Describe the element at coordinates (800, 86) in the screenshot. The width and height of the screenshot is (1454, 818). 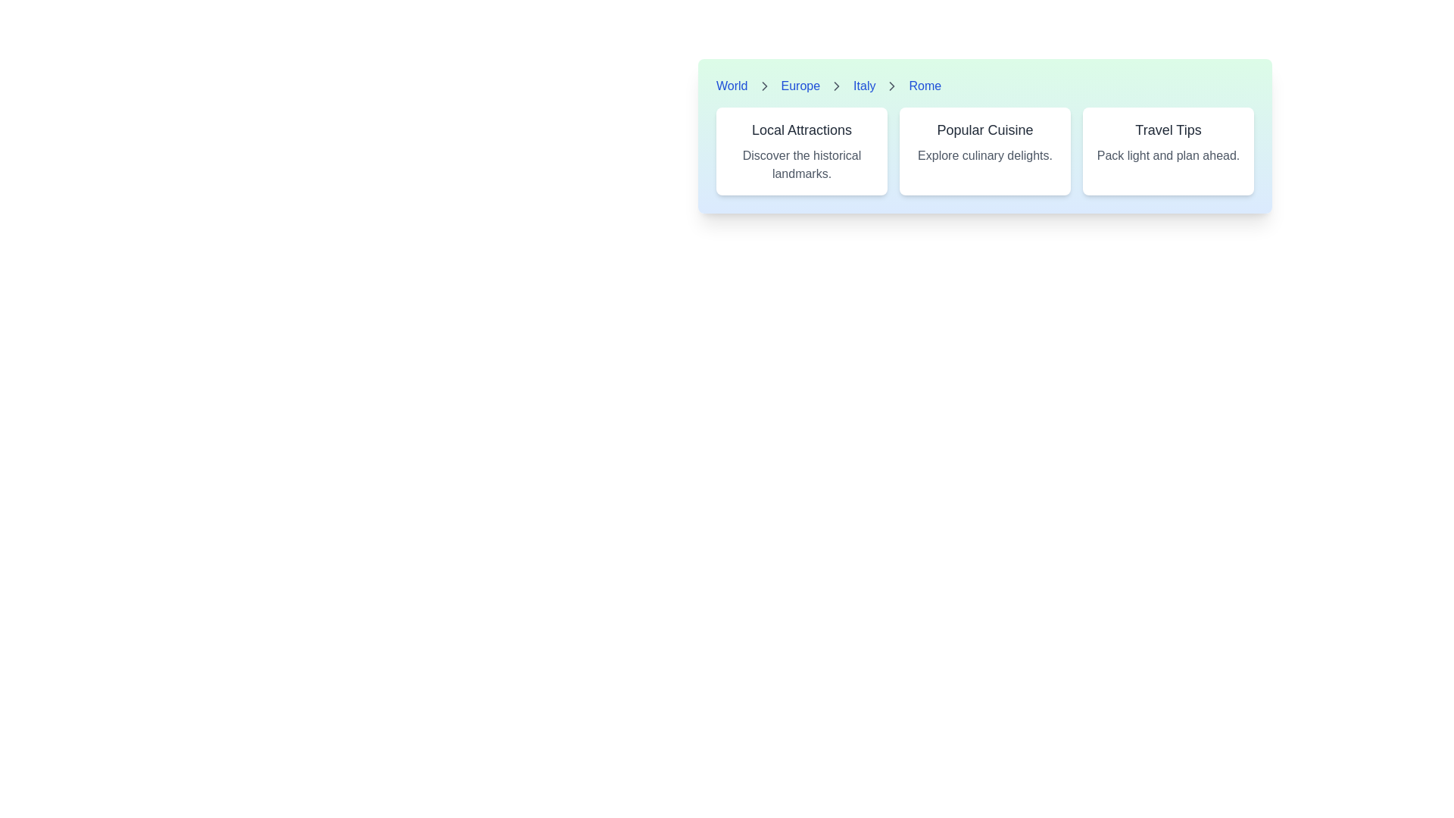
I see `the interactive link labeled 'Europe' in the breadcrumb navigation` at that location.